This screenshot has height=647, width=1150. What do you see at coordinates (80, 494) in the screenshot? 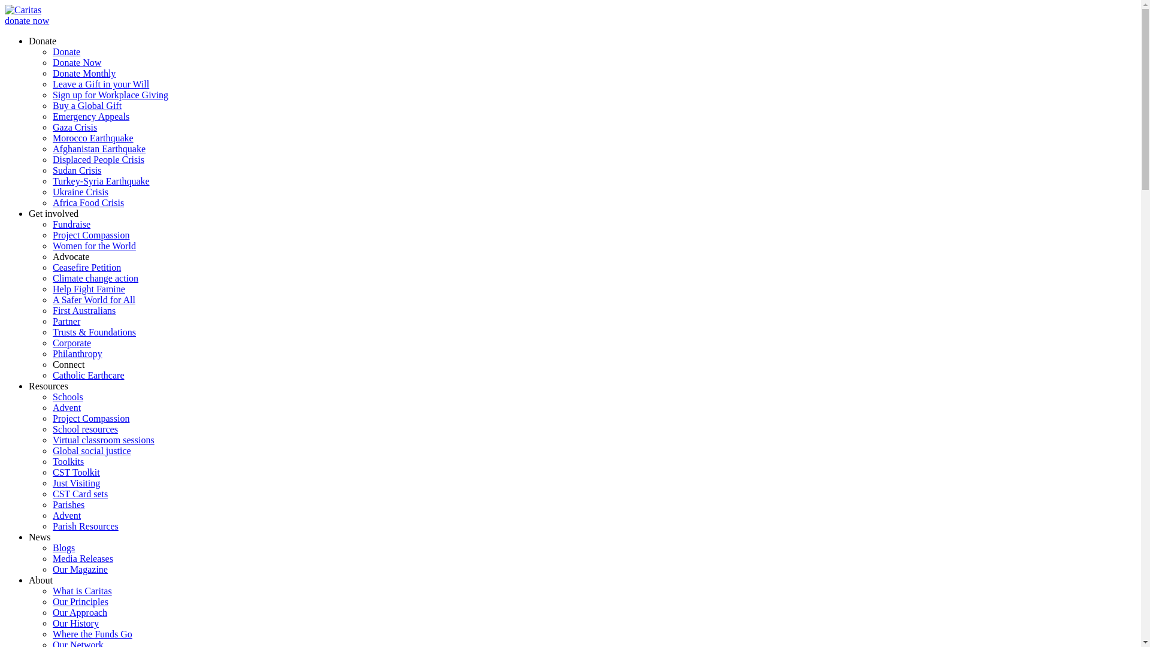
I see `'CST Card sets'` at bounding box center [80, 494].